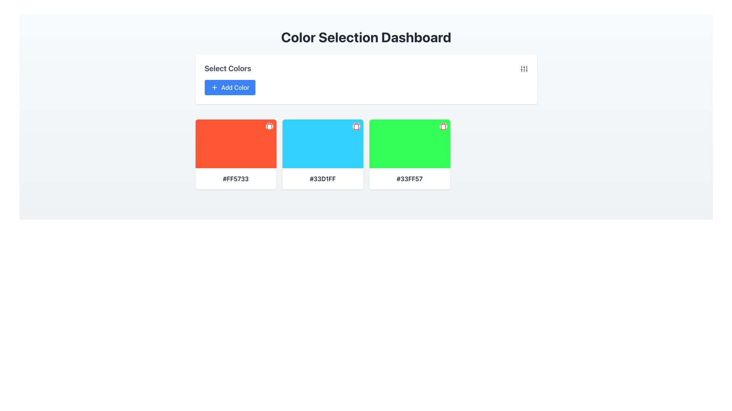  I want to click on the static text label displaying the color code '#33FF57', which is located at the bottom of the rightmost green card in the grid, so click(409, 179).